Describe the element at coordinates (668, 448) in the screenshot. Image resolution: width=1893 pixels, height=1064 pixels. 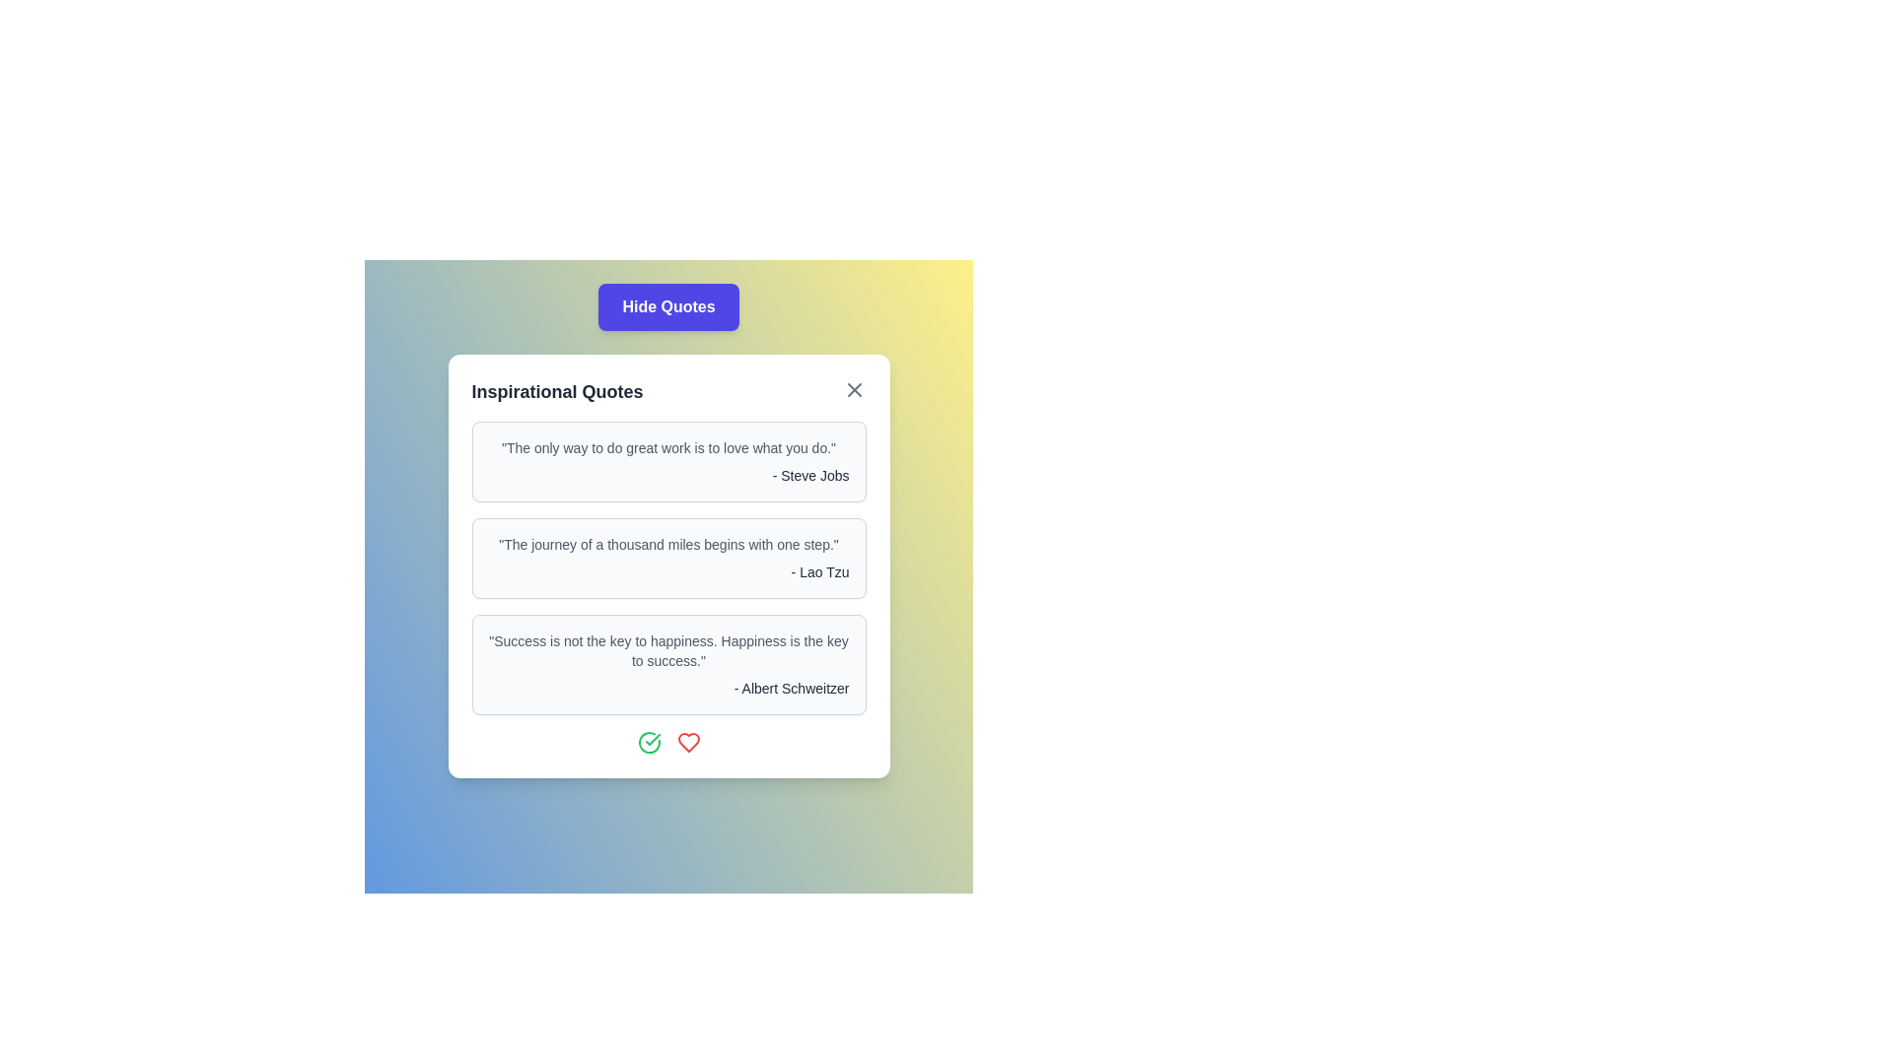
I see `the quote text that reads 'The only way to do great work is to love what you do.' which is displayed in a smaller-sized, gray-colored sans-serif font, located above the attribution '- Steve Jobs'` at that location.